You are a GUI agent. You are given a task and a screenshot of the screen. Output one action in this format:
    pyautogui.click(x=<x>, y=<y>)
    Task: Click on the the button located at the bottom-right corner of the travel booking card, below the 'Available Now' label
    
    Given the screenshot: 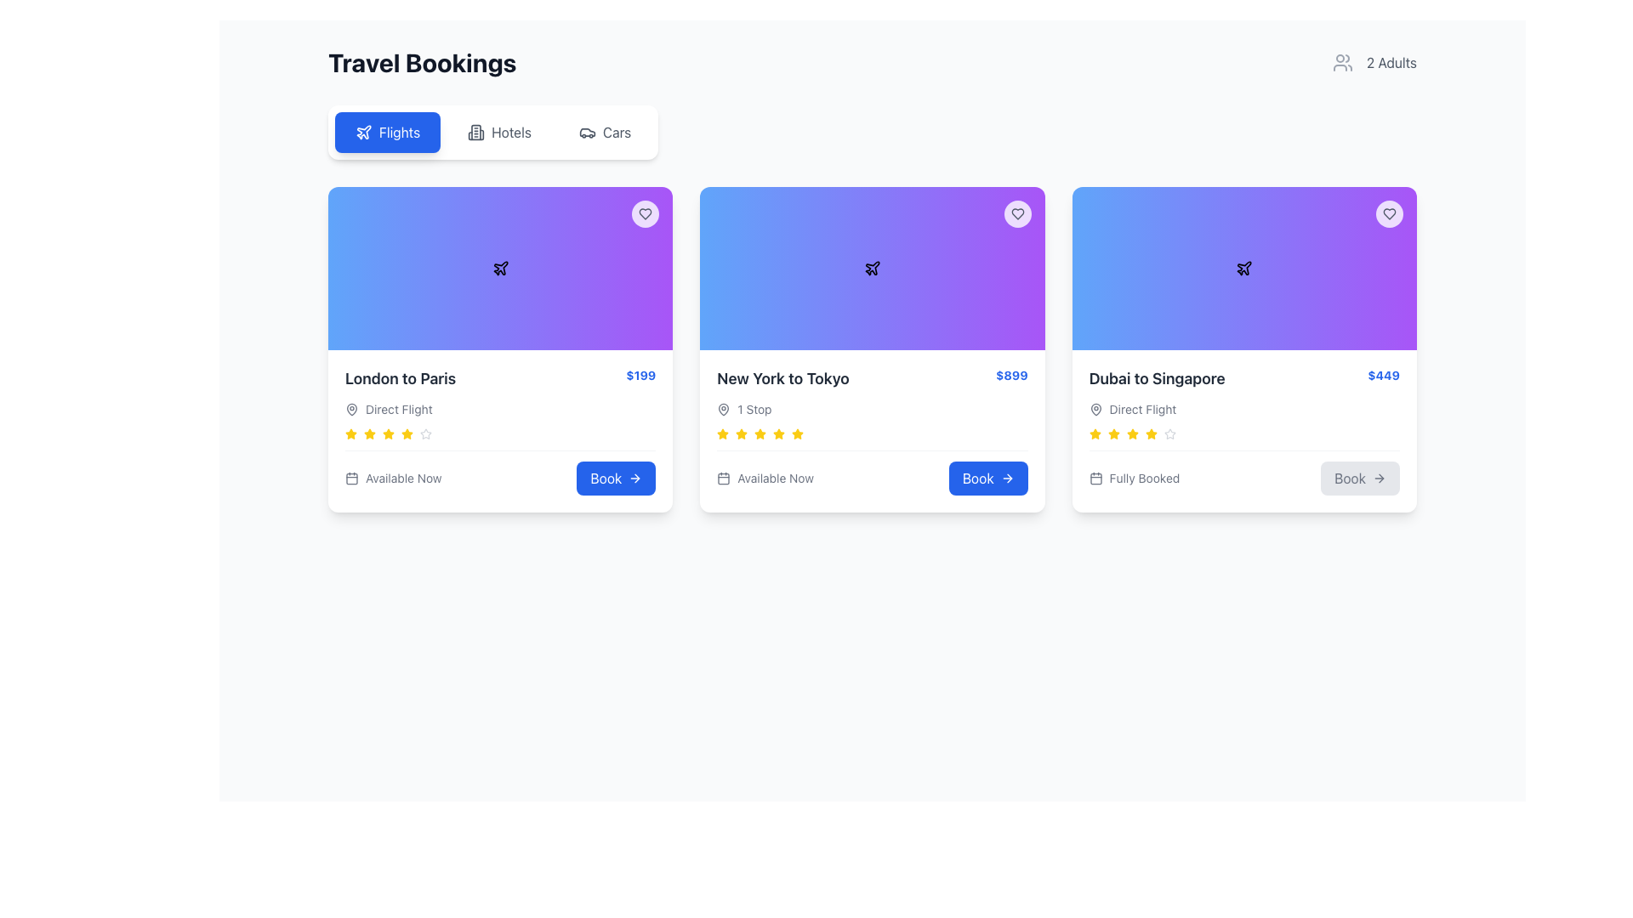 What is the action you would take?
    pyautogui.click(x=615, y=479)
    